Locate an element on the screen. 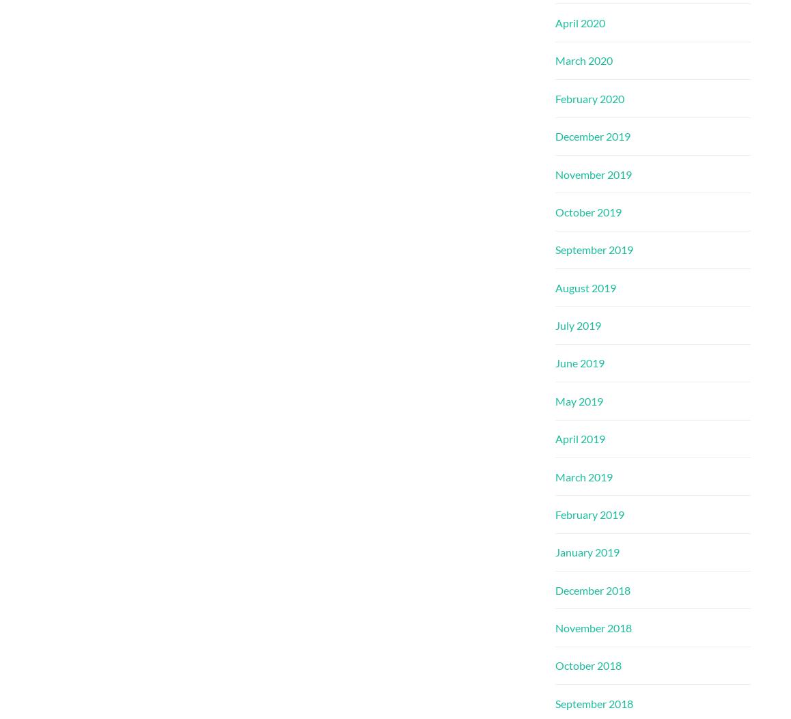  'October 2019' is located at coordinates (587, 211).